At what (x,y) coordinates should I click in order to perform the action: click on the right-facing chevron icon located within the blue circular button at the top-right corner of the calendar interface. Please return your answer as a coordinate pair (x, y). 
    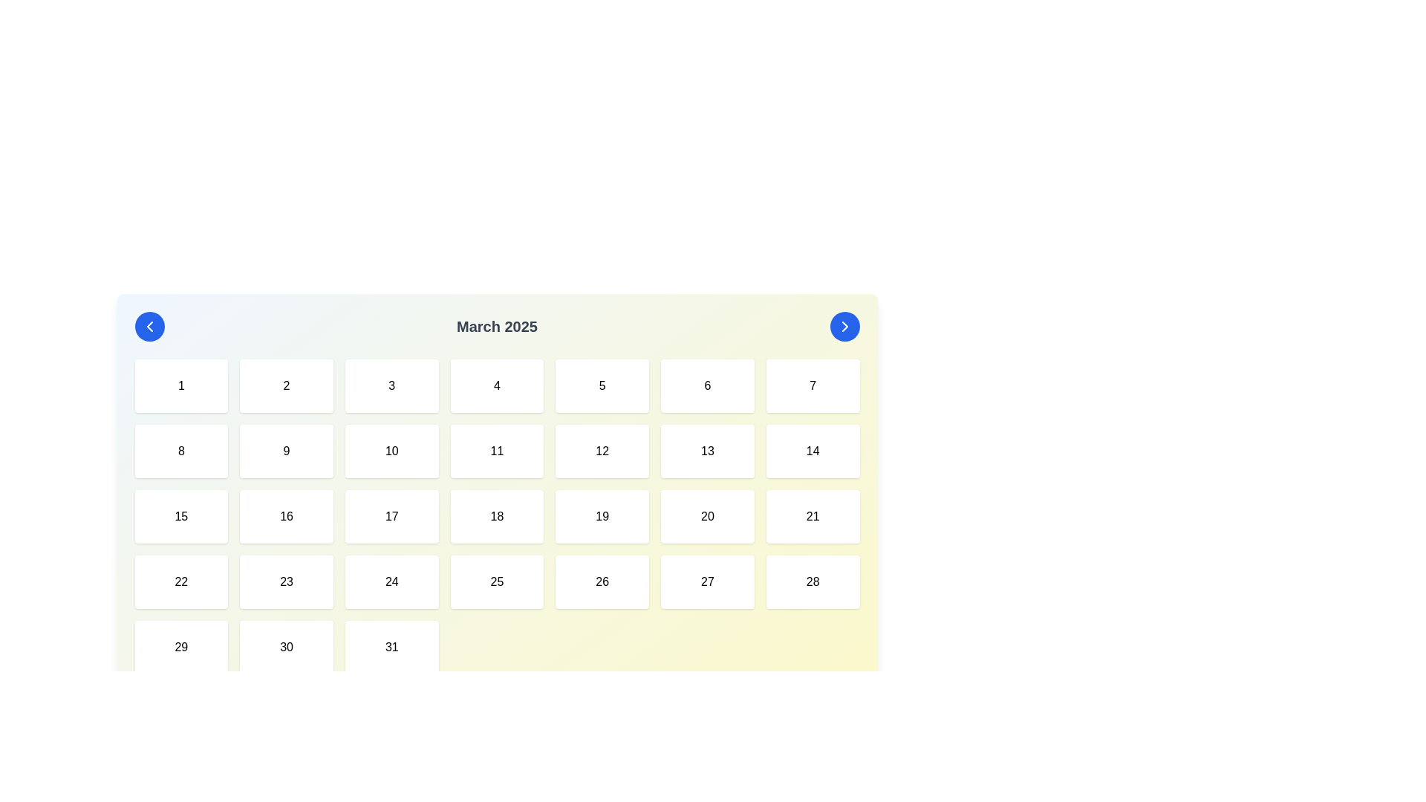
    Looking at the image, I should click on (844, 325).